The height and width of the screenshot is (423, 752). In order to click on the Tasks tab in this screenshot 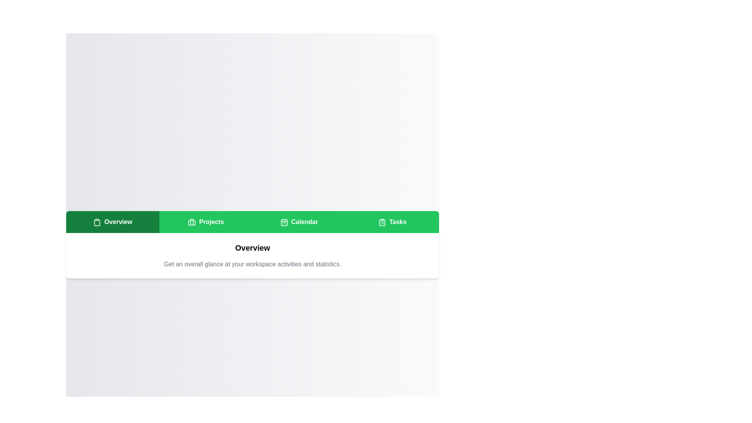, I will do `click(392, 222)`.